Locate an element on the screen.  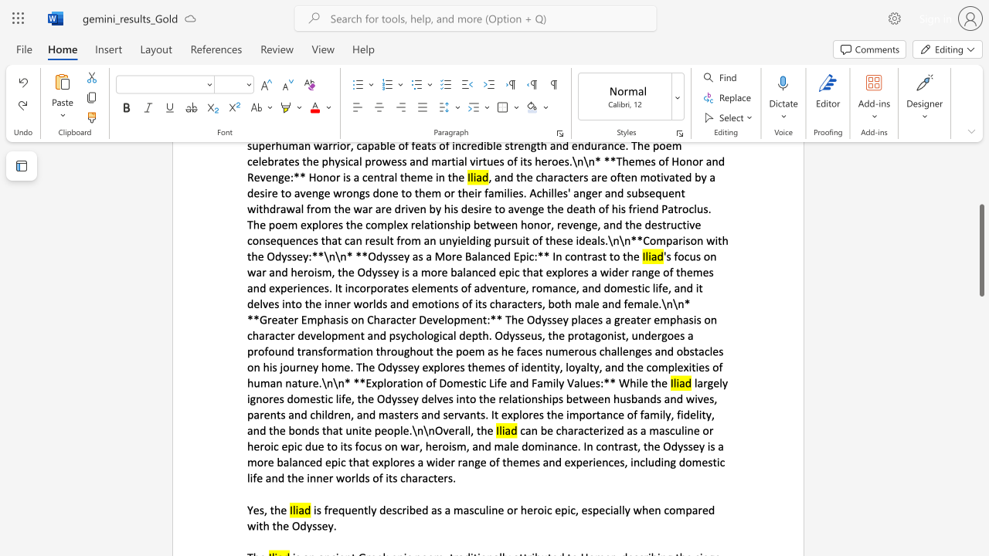
the scrollbar and move down 1010 pixels is located at coordinates (981, 249).